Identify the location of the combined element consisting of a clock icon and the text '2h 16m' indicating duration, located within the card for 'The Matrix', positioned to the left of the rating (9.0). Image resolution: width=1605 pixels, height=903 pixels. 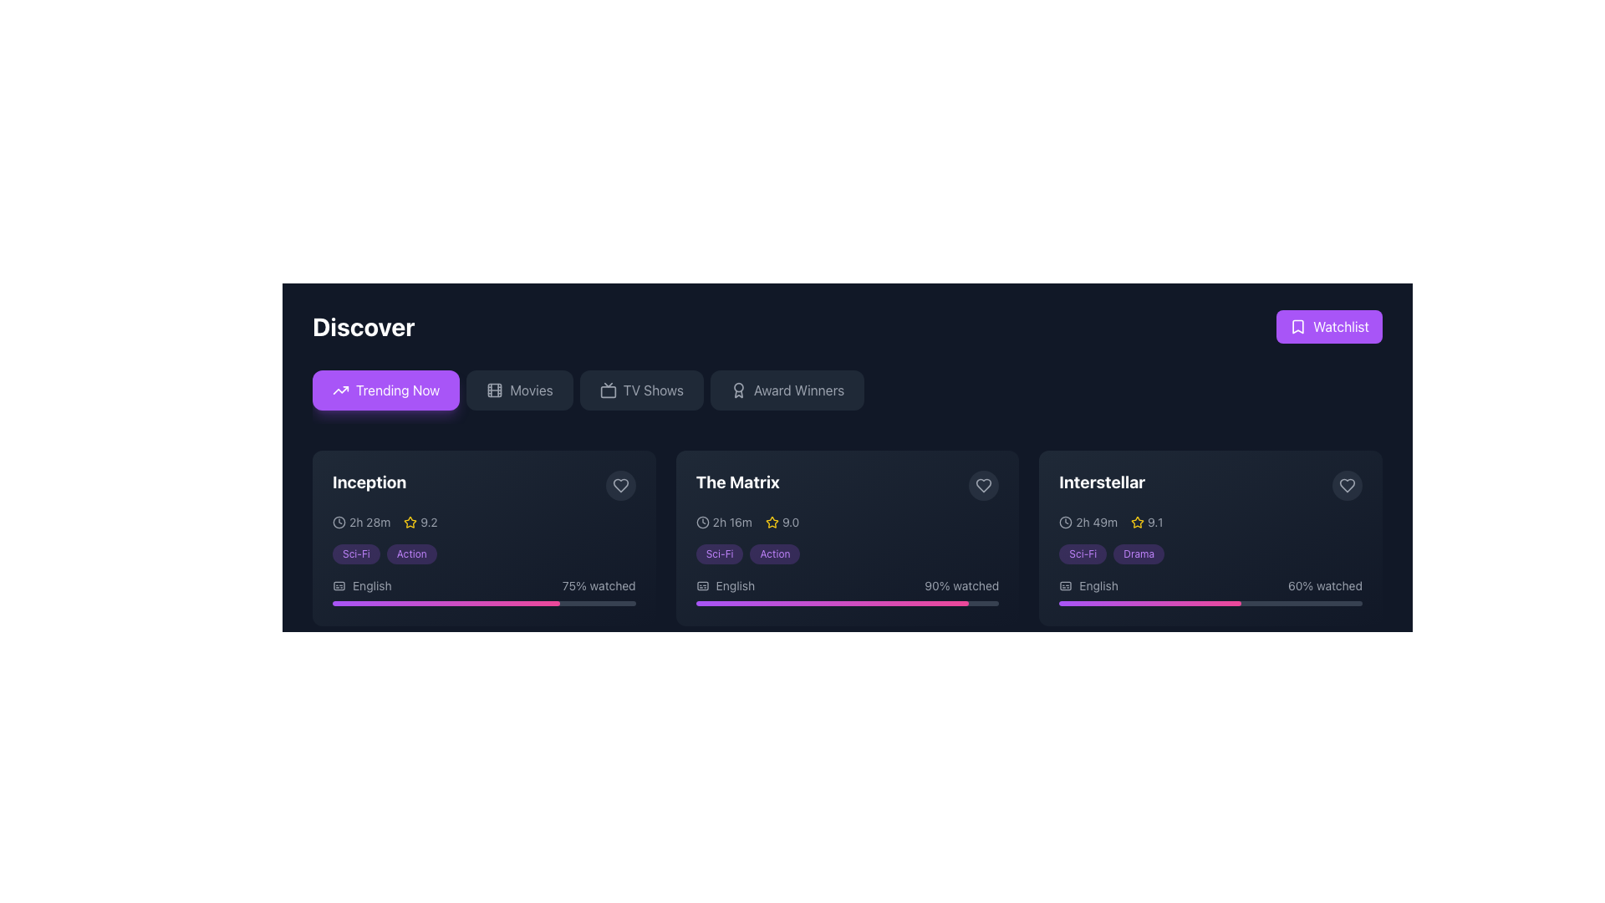
(724, 521).